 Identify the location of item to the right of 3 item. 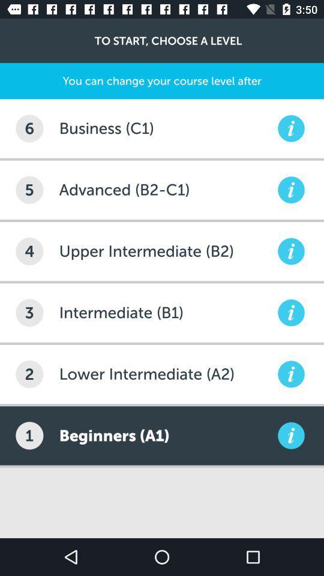
(166, 312).